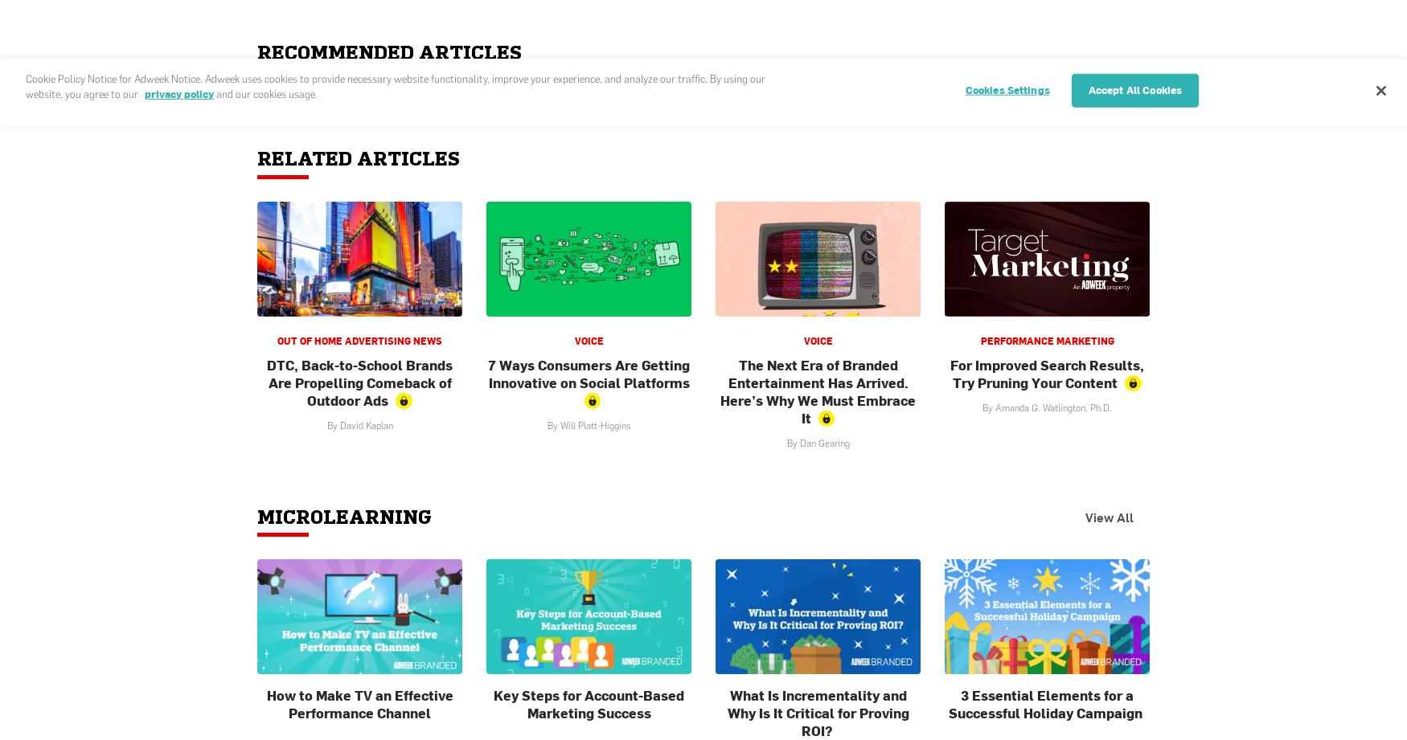  Describe the element at coordinates (995, 407) in the screenshot. I see `'Amanda G. Watlington, Ph.D.'` at that location.